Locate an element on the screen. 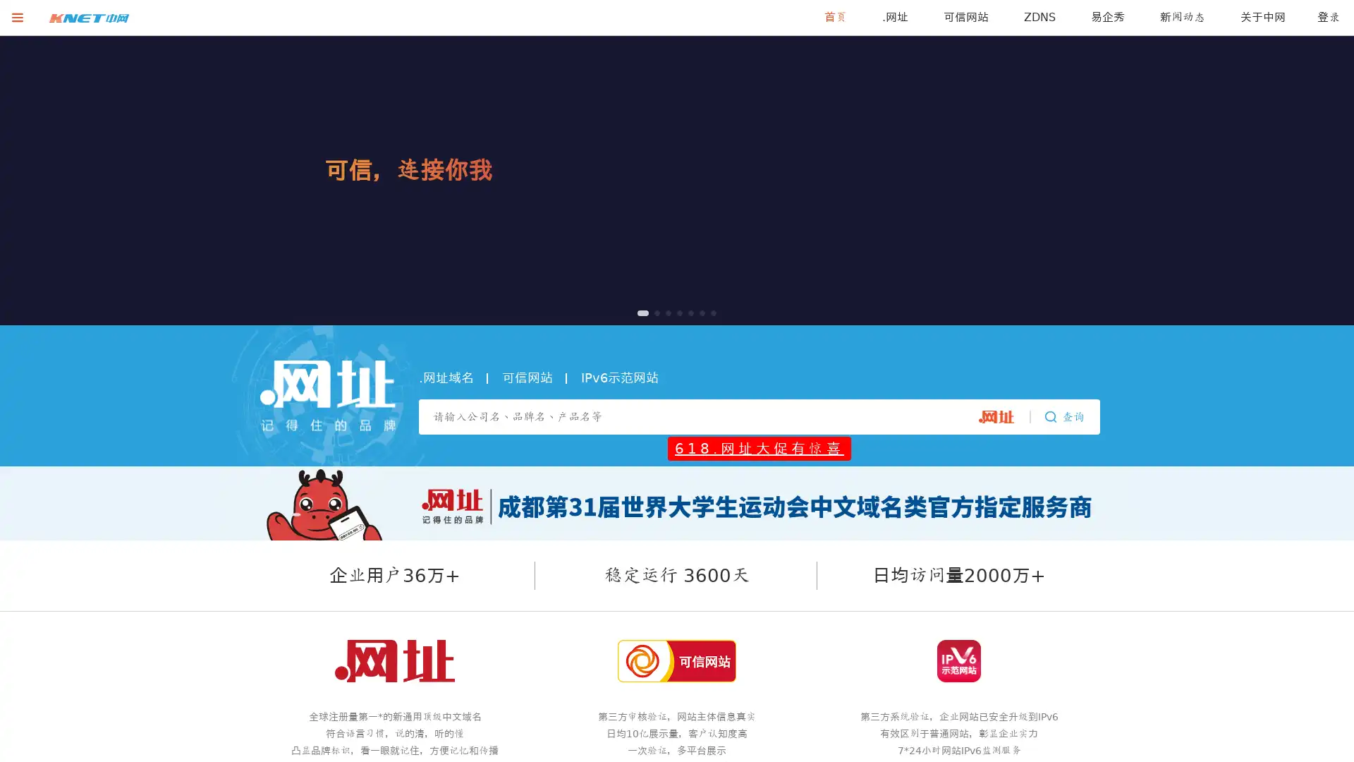  Go to slide 4 is located at coordinates (673, 312).